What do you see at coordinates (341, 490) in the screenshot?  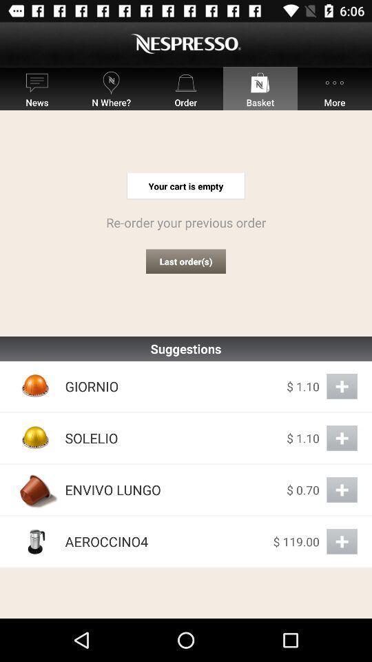 I see `envivo lungo to cart` at bounding box center [341, 490].